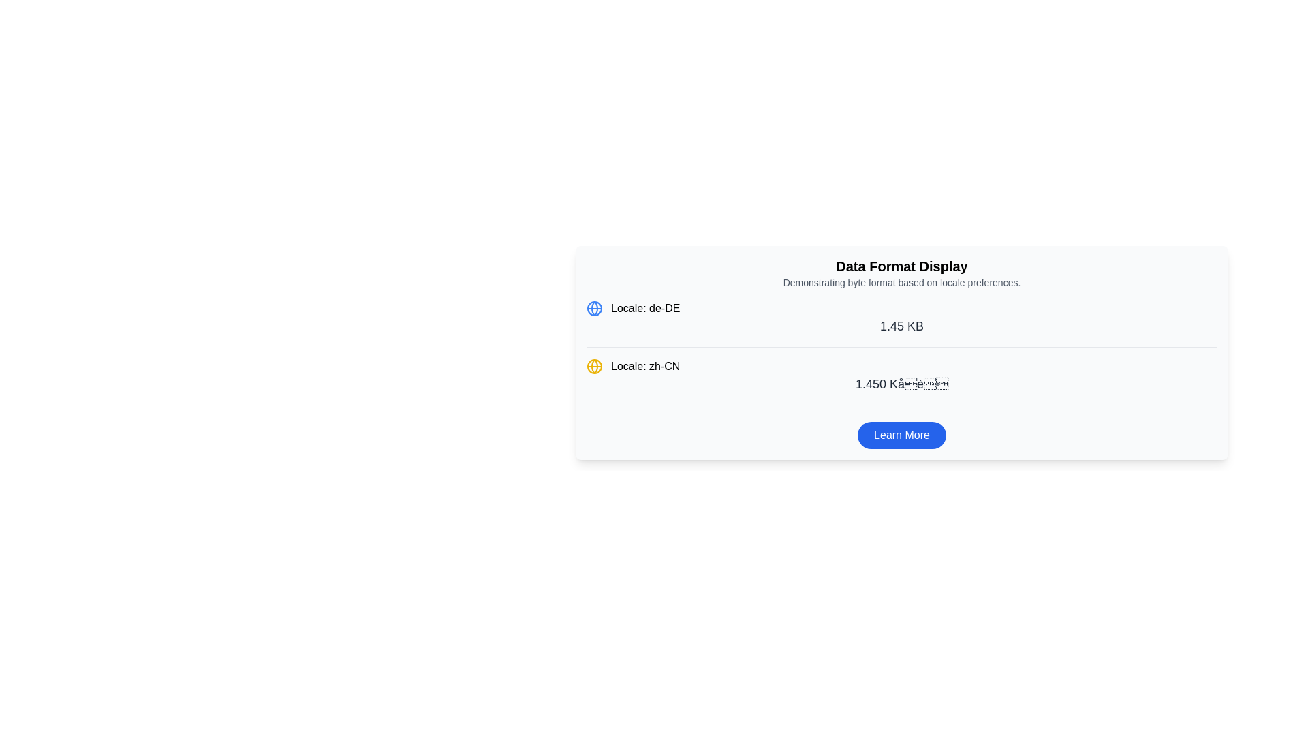 The height and width of the screenshot is (736, 1308). I want to click on the 'Learn More' button, which is a blue button with white text, located at the center-bottom of a light gray rounded panel, so click(902, 435).